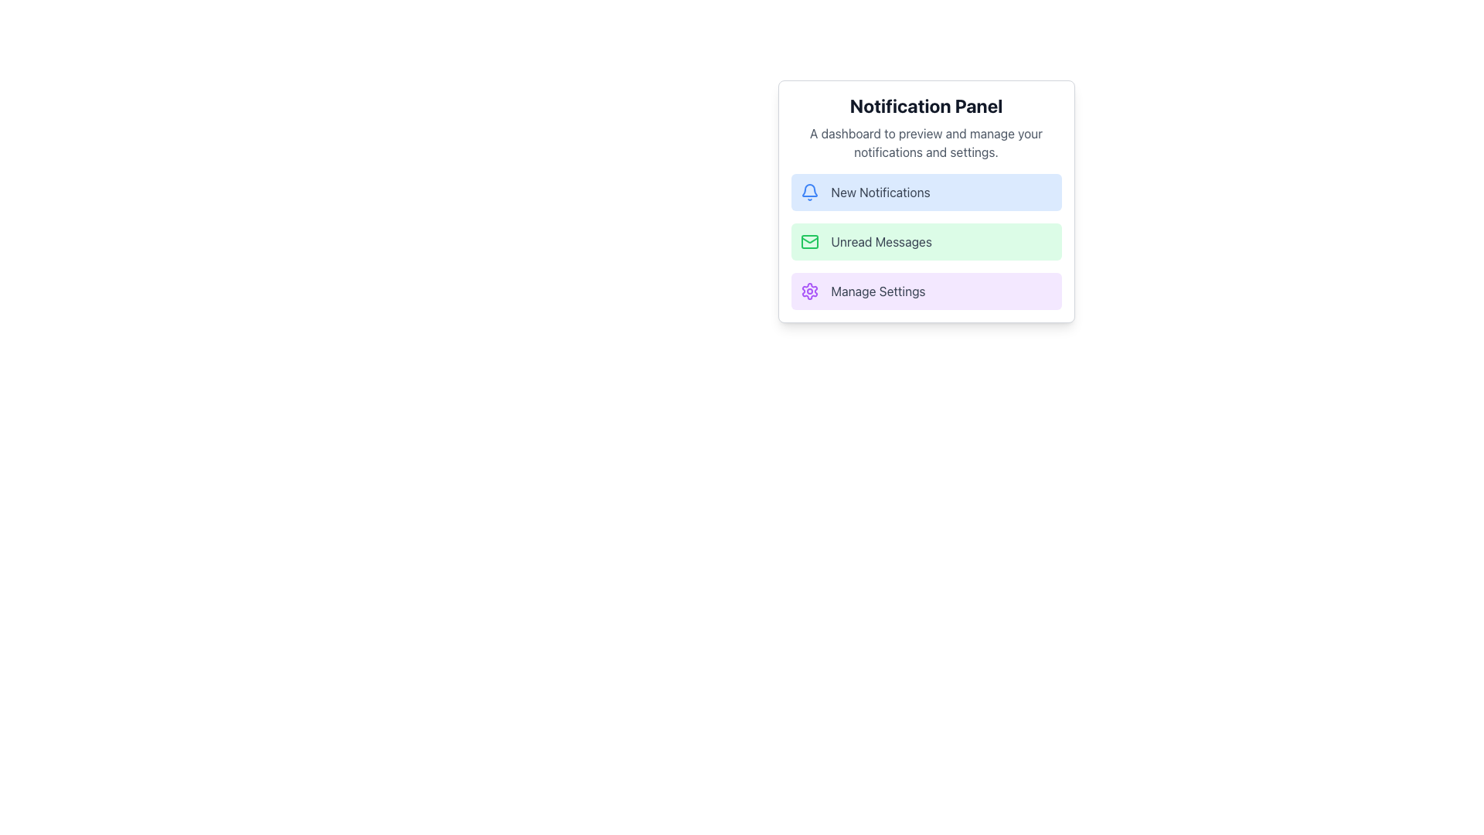 This screenshot has height=835, width=1484. Describe the element at coordinates (808, 192) in the screenshot. I see `the blue bell icon located at the top left of the 'New Notifications' card to interact with it` at that location.